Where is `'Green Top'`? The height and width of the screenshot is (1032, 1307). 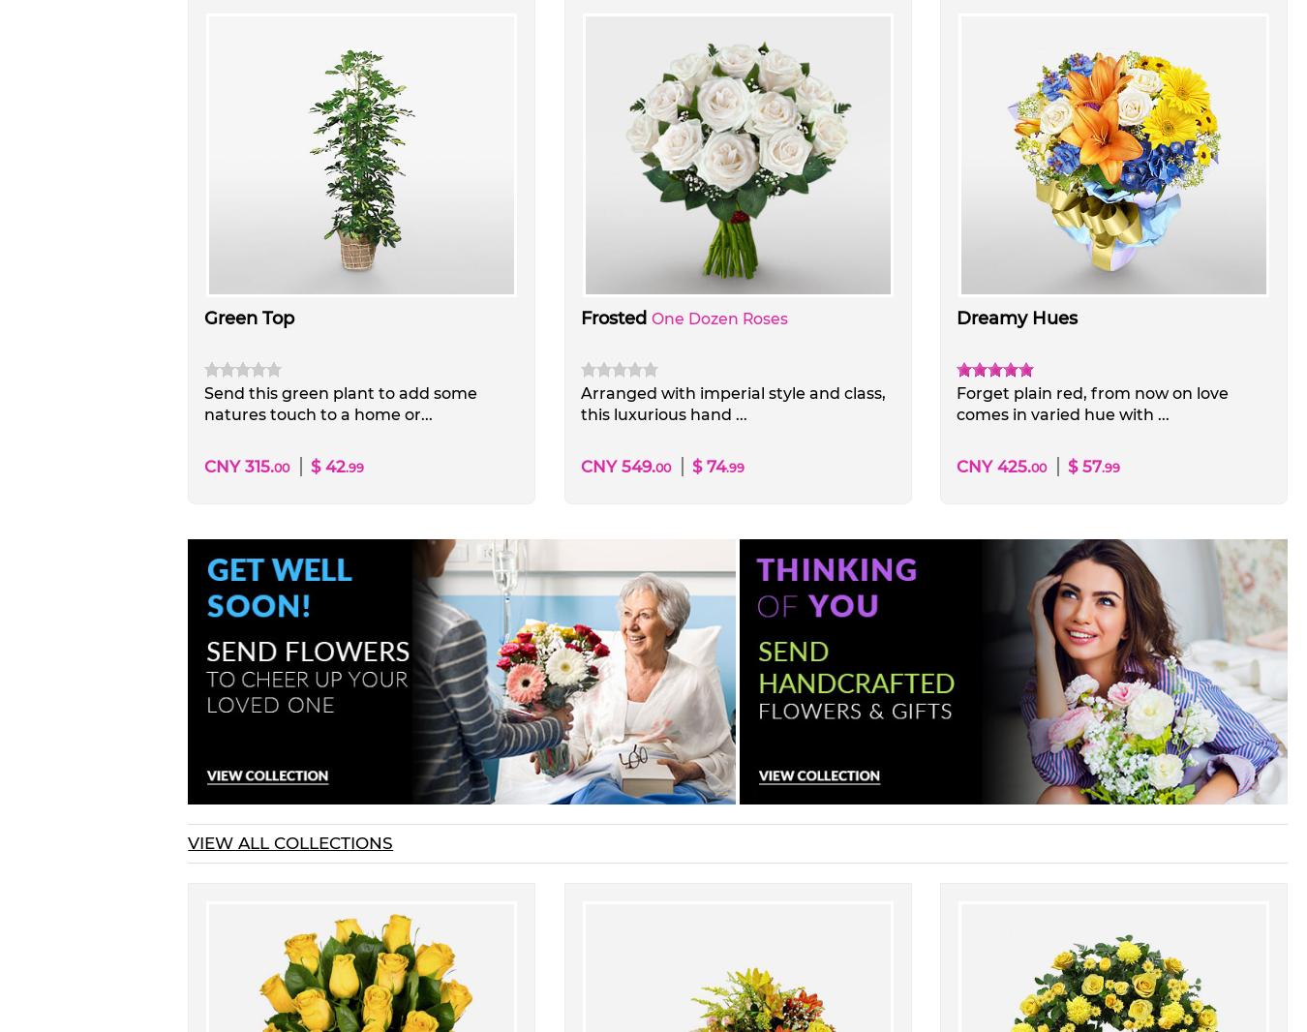
'Green Top' is located at coordinates (204, 318).